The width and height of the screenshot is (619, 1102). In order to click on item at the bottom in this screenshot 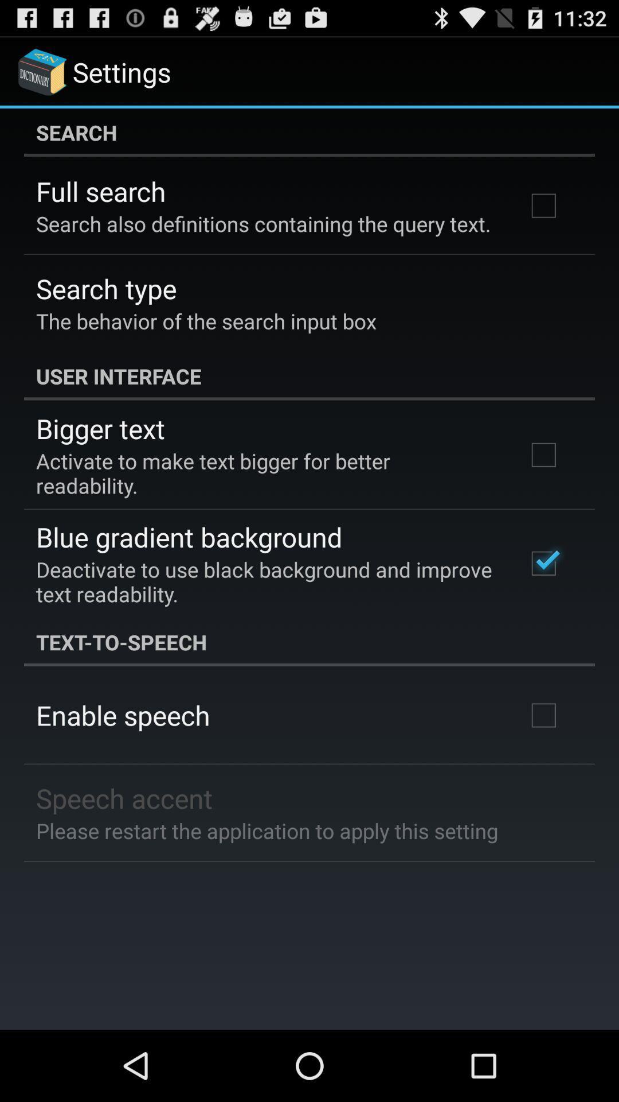, I will do `click(267, 831)`.